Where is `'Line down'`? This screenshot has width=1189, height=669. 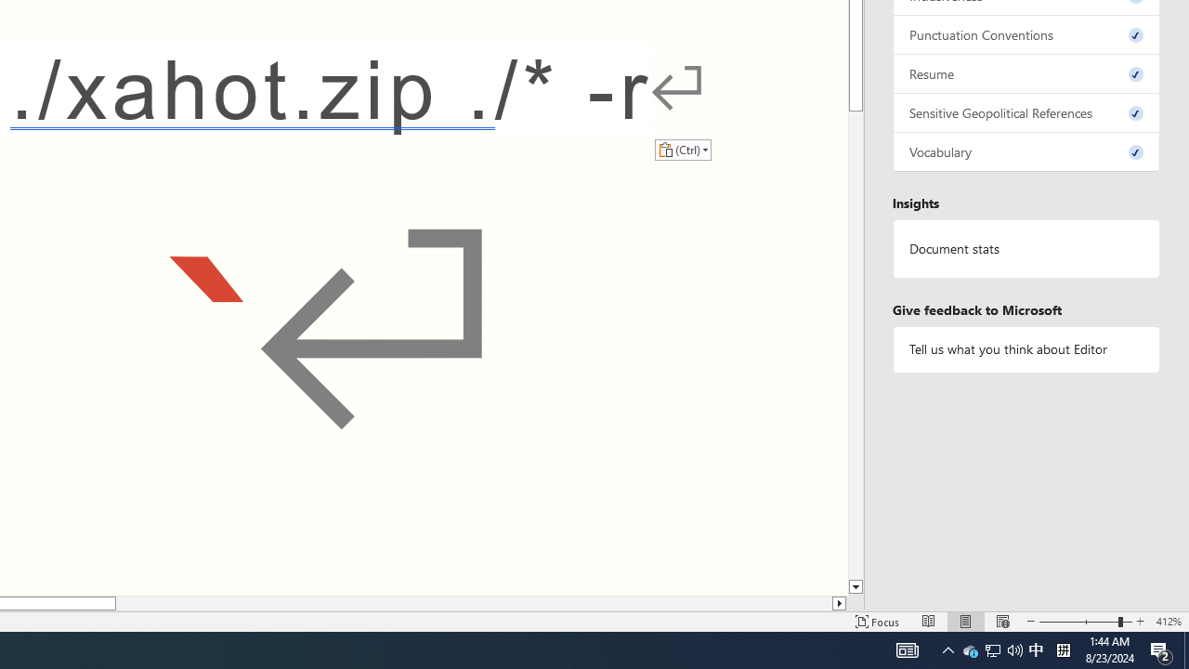 'Line down' is located at coordinates (855, 587).